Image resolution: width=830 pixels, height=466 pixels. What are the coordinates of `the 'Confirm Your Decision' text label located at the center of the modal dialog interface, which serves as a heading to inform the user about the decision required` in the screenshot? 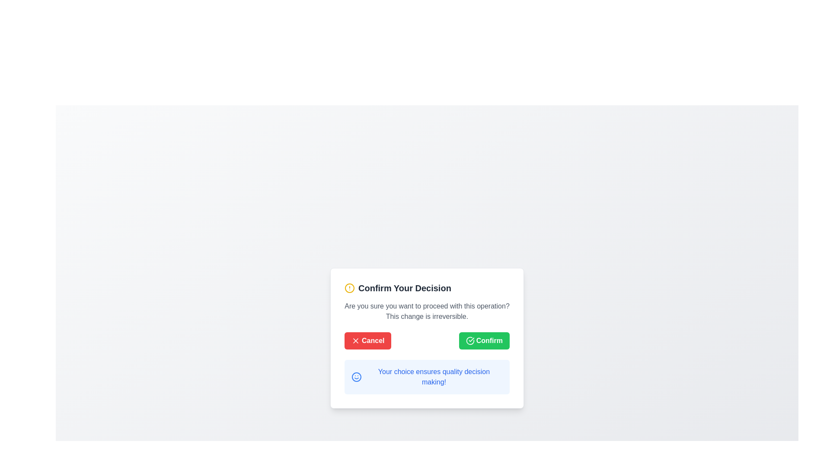 It's located at (404, 288).